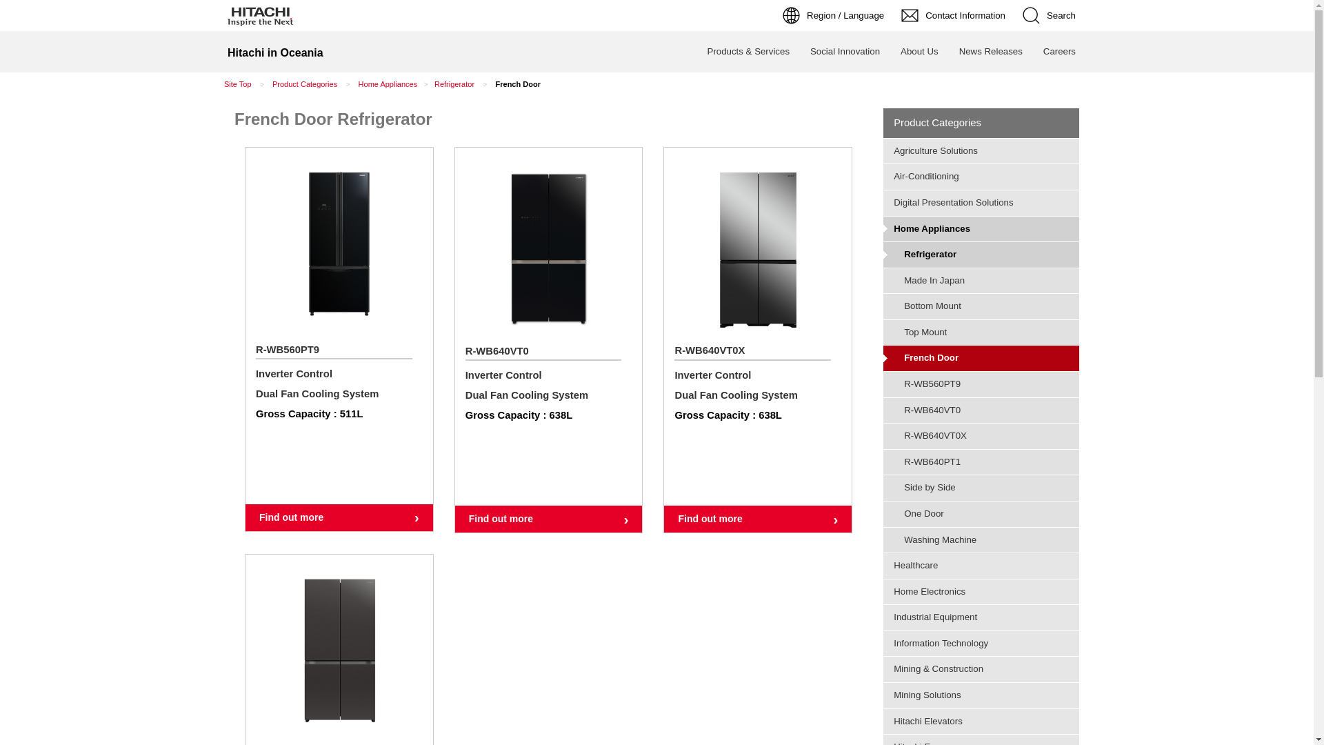  I want to click on 'Agriculture Solutions', so click(980, 151).